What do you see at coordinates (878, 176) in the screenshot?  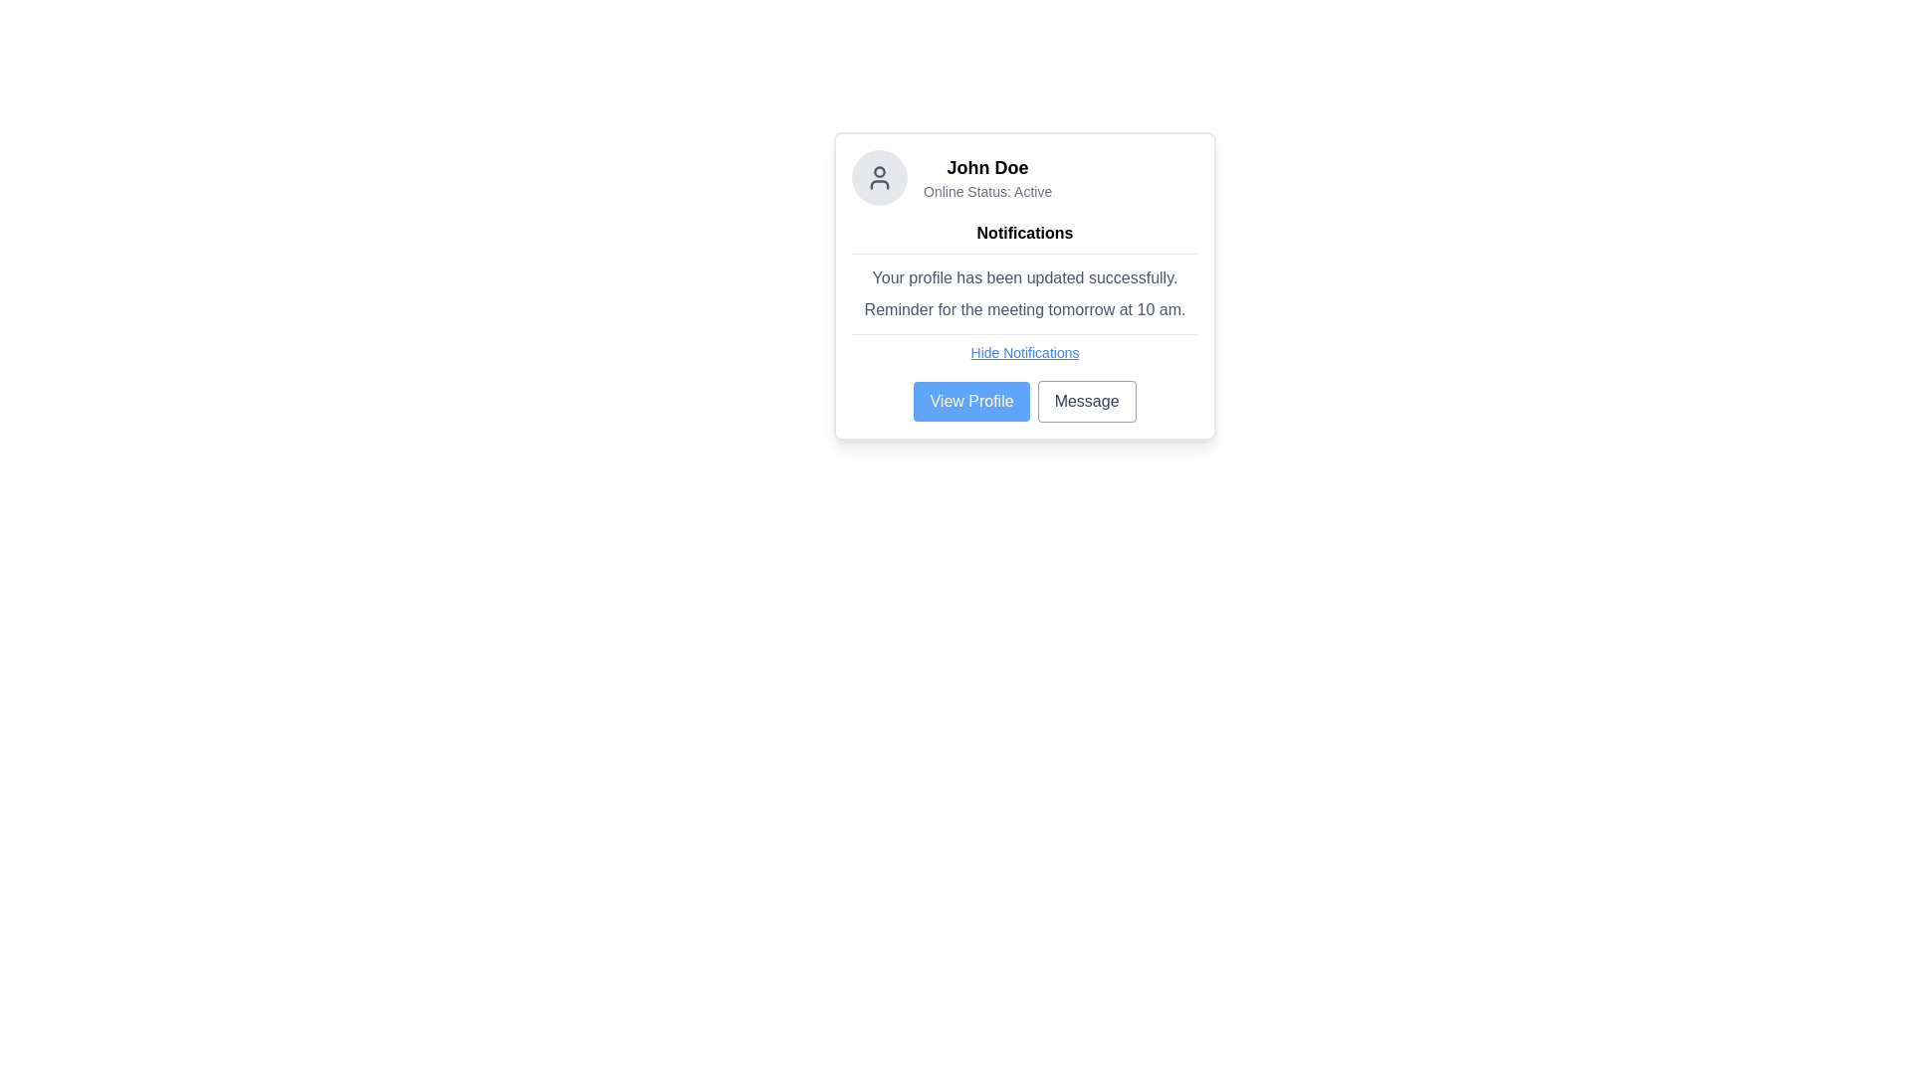 I see `the user profile picture icon located at the top-left corner of the profile card, adjacent to the user's name and status` at bounding box center [878, 176].